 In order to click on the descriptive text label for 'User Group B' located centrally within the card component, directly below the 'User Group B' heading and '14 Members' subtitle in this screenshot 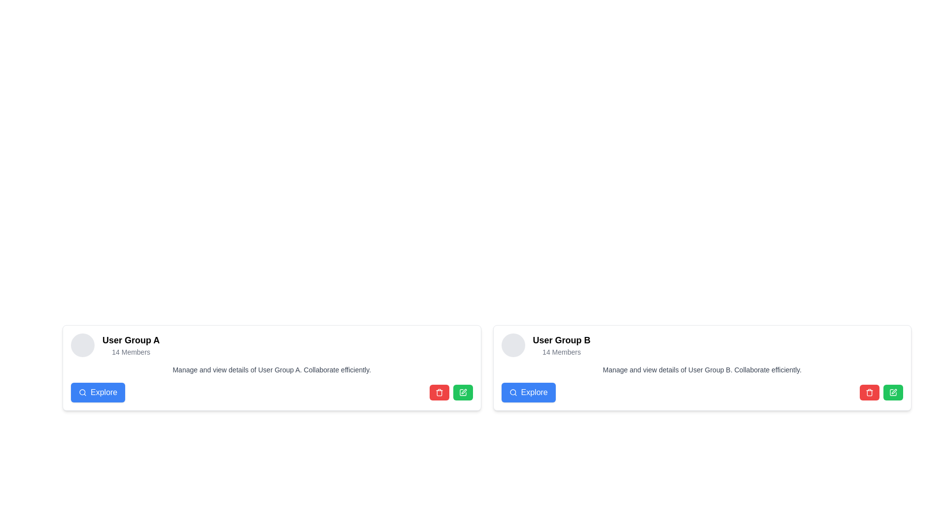, I will do `click(702, 370)`.